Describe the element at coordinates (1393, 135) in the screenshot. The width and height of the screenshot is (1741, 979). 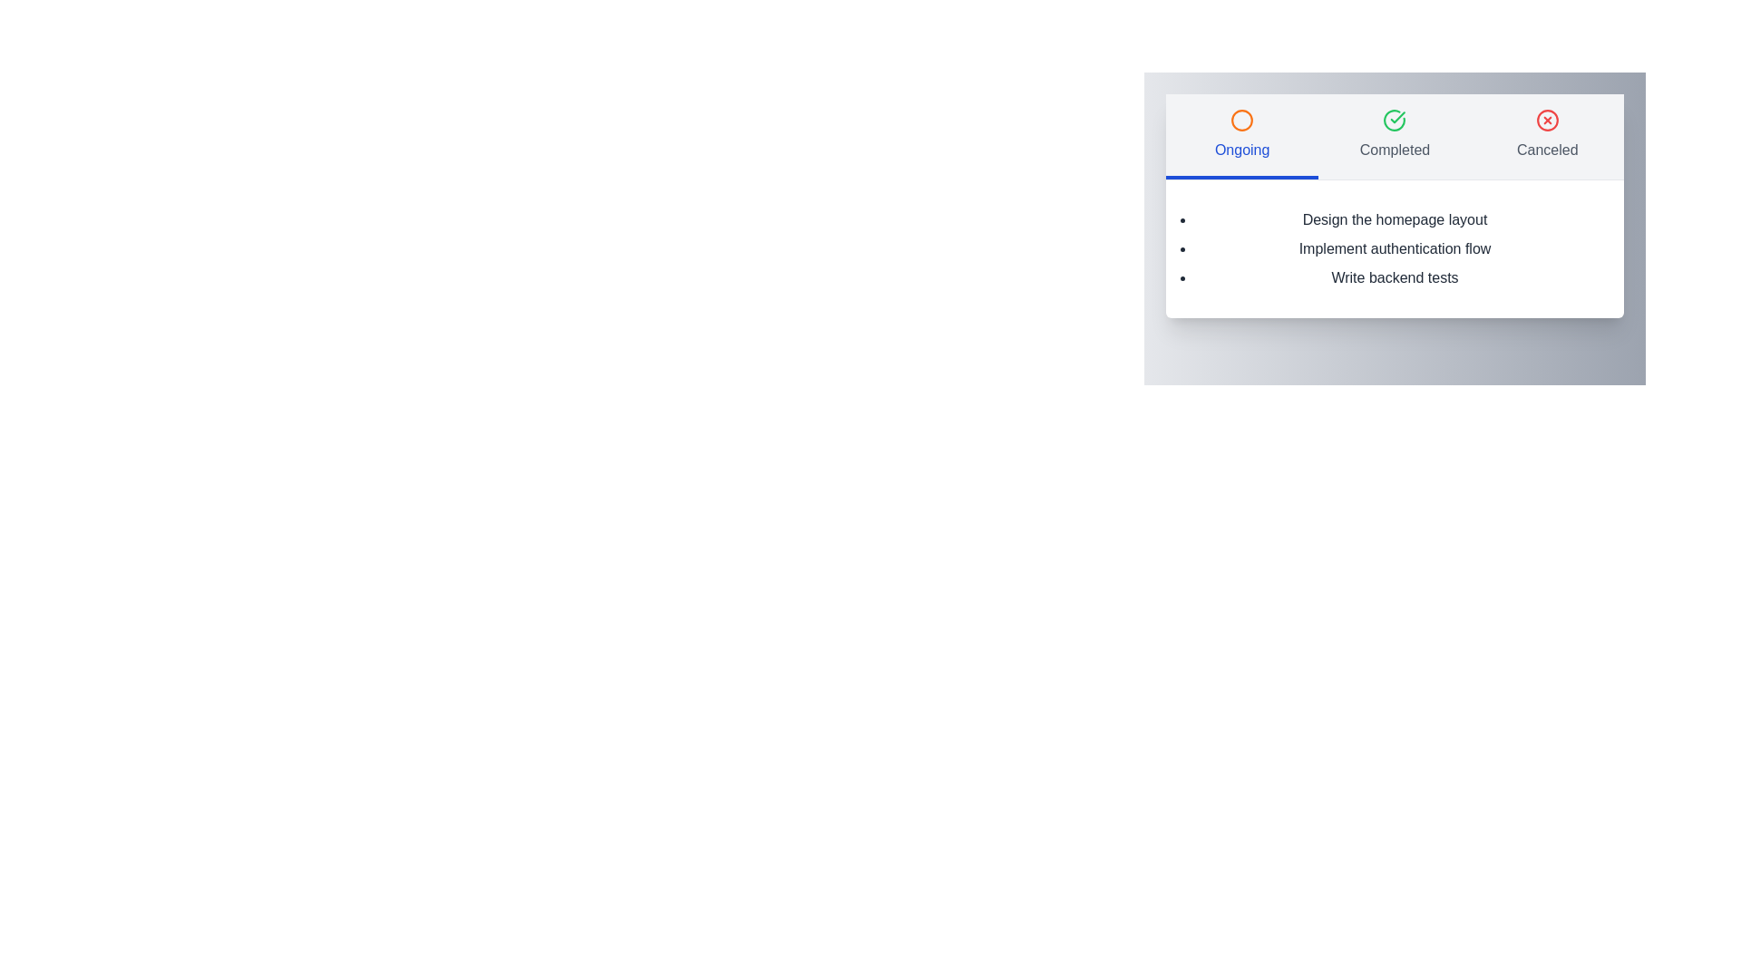
I see `the Completed tab by clicking on its button` at that location.